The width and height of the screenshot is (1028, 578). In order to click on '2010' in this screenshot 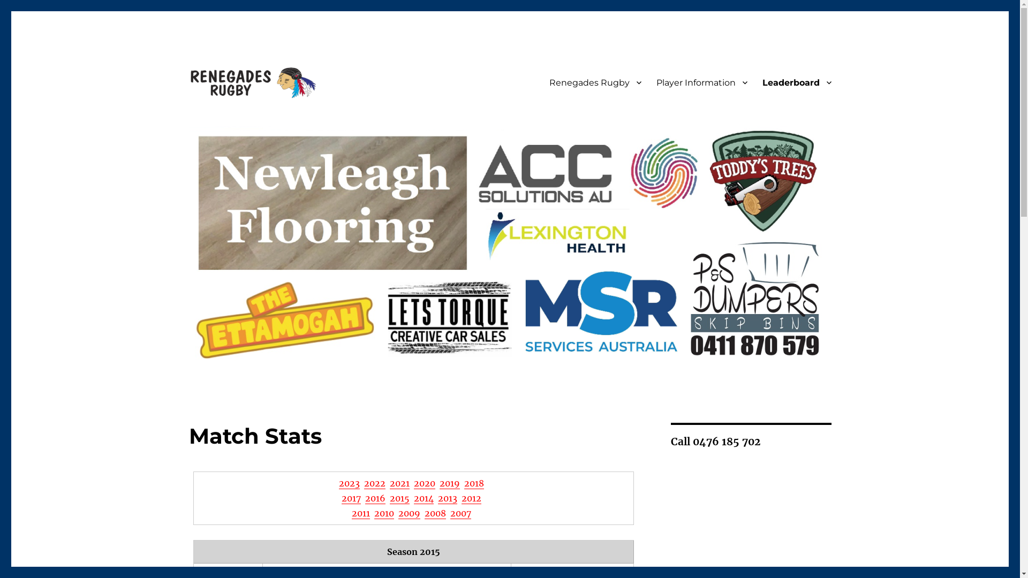, I will do `click(384, 513)`.